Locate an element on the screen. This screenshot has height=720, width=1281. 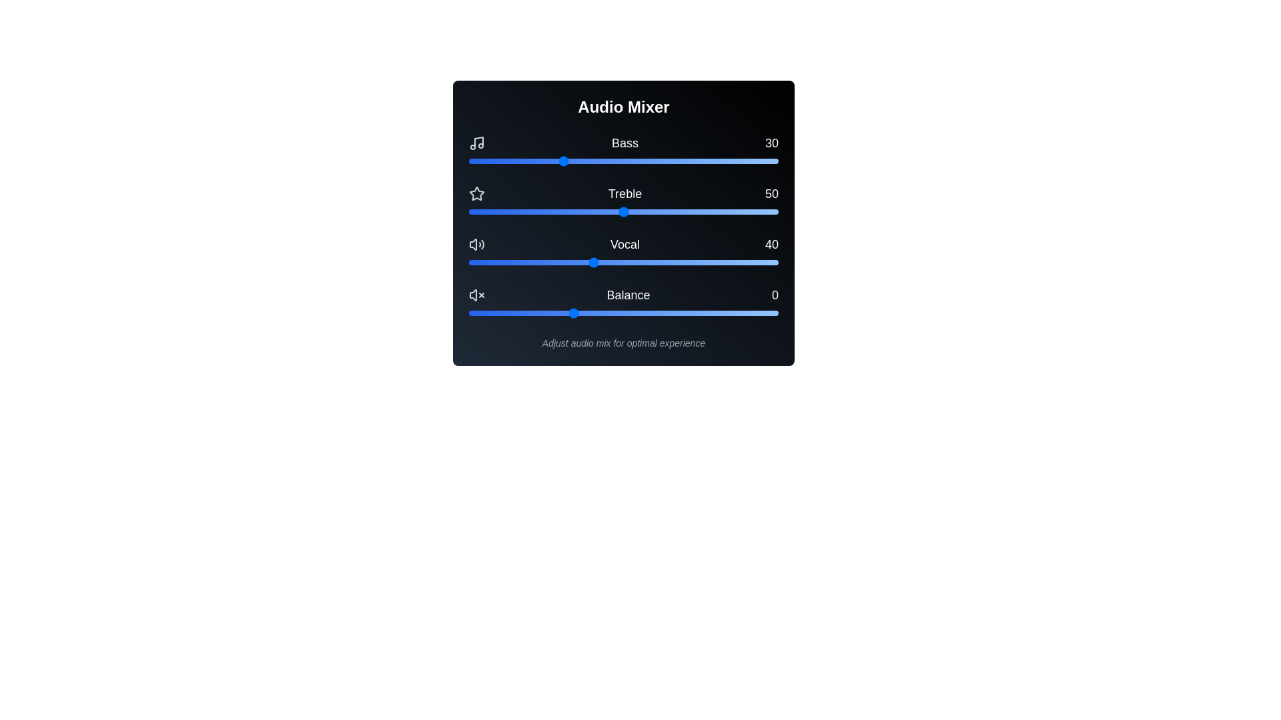
the balance slider to 20 within its range of -50 to 100 is located at coordinates (612, 313).